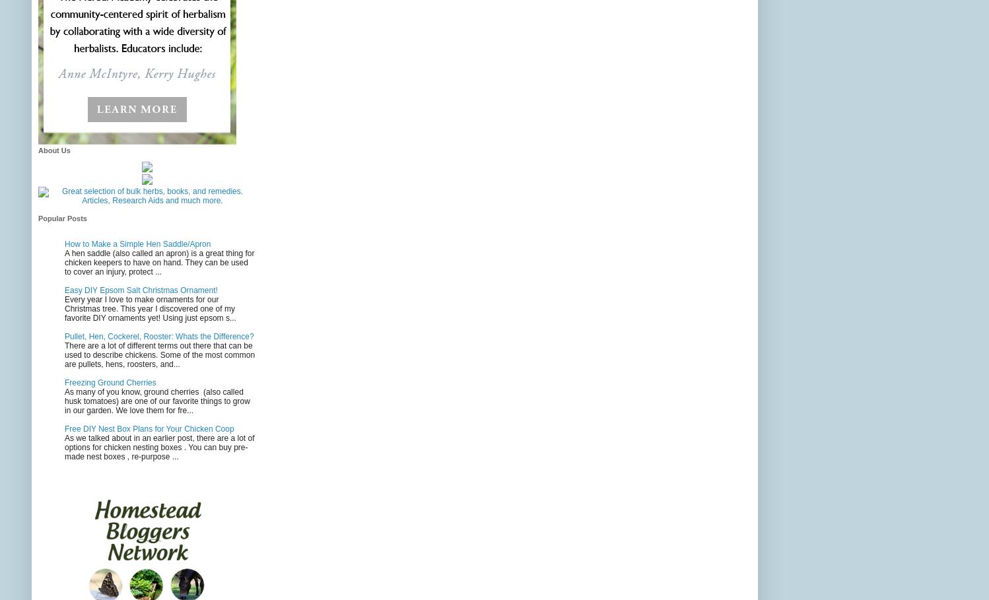 The width and height of the screenshot is (989, 600). What do you see at coordinates (149, 428) in the screenshot?
I see `'Free DIY Nest Box Plans for Your Chicken Coop'` at bounding box center [149, 428].